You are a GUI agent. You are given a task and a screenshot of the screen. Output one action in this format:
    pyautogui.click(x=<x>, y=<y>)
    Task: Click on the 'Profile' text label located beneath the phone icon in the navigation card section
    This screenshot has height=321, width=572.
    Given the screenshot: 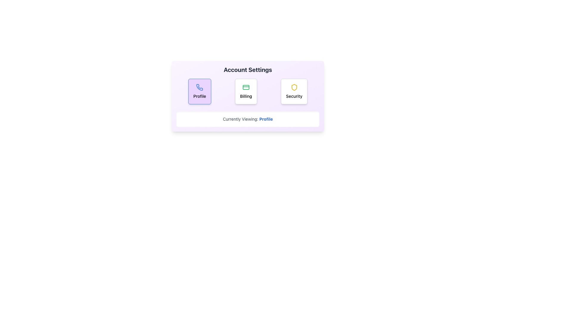 What is the action you would take?
    pyautogui.click(x=200, y=96)
    